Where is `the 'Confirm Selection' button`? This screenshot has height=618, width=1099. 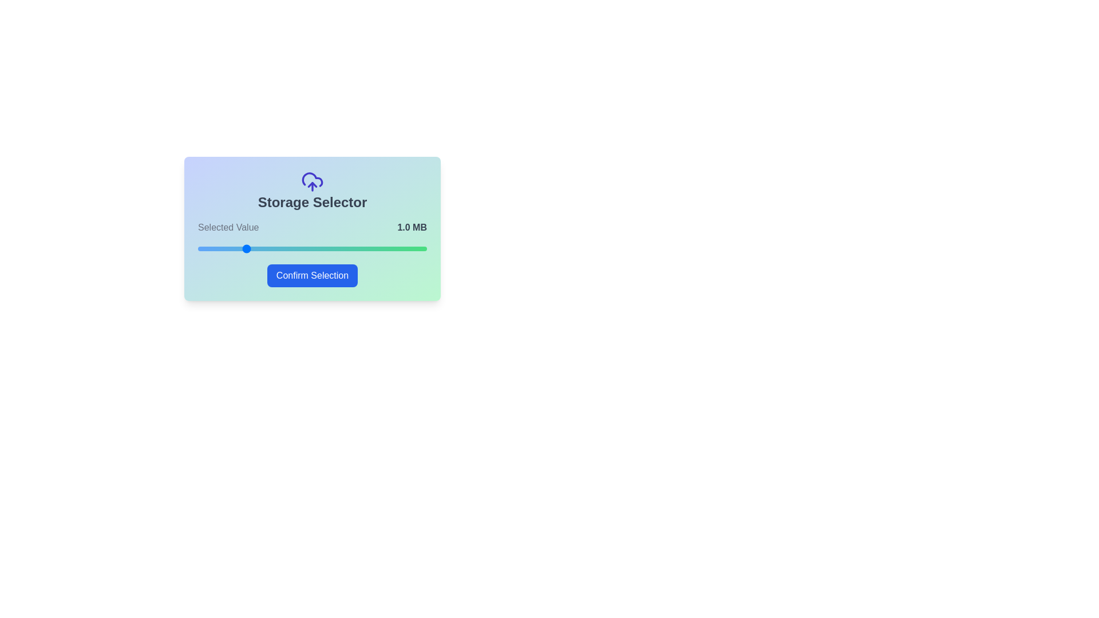
the 'Confirm Selection' button is located at coordinates (313, 276).